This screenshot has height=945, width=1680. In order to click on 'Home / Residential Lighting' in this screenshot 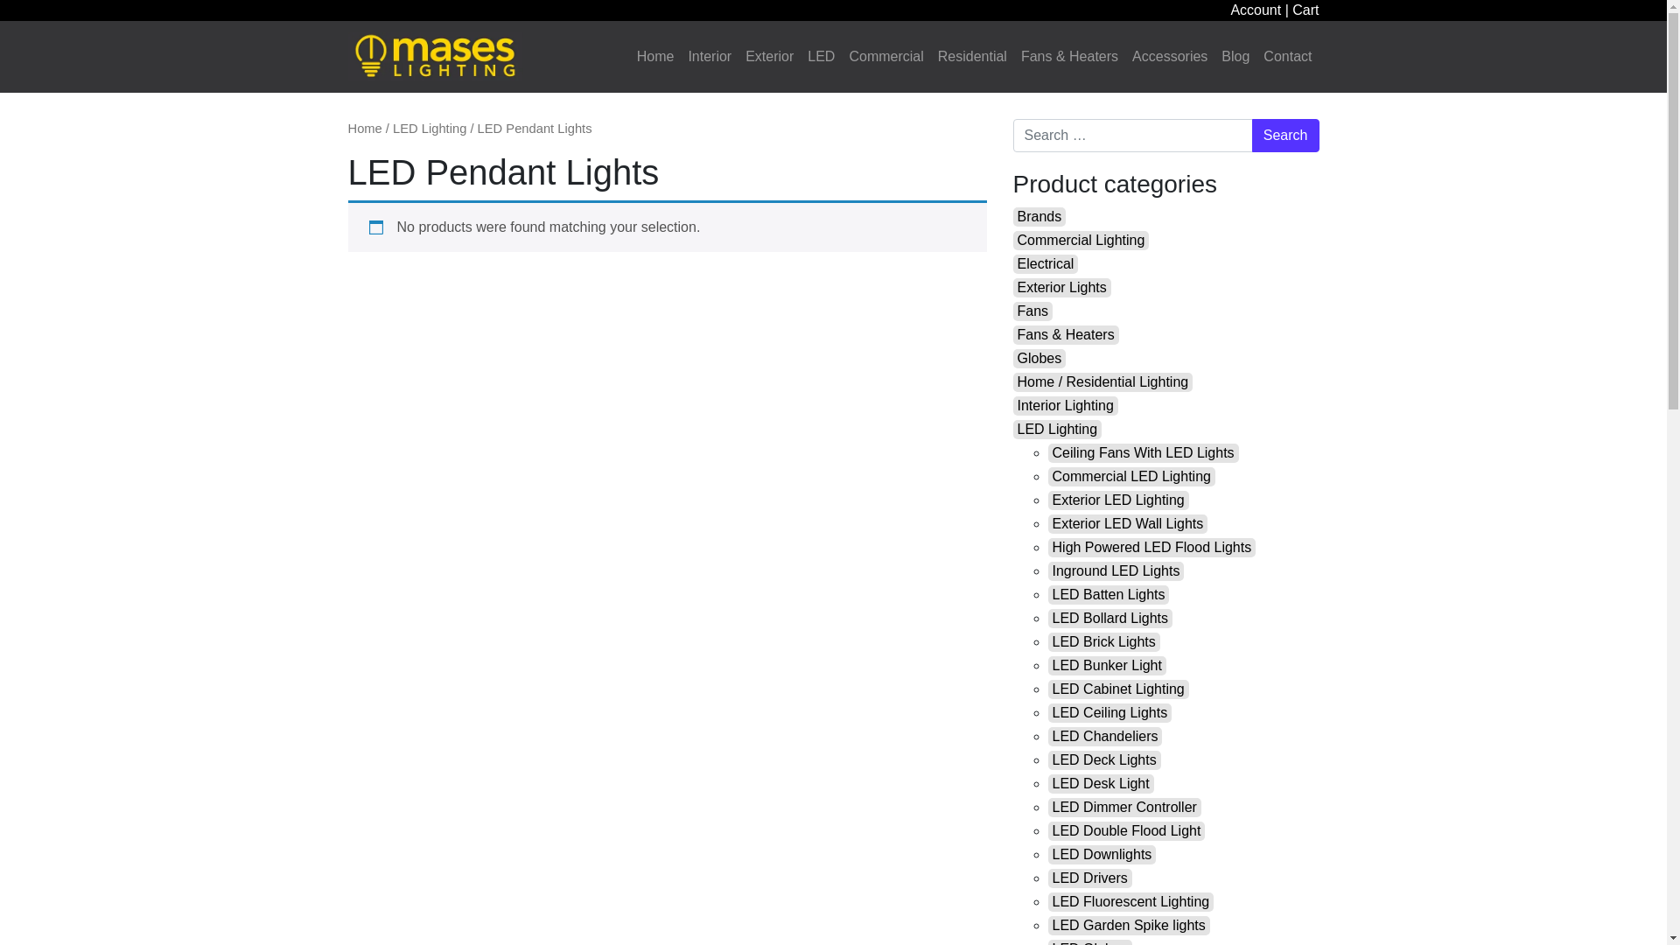, I will do `click(1012, 381)`.